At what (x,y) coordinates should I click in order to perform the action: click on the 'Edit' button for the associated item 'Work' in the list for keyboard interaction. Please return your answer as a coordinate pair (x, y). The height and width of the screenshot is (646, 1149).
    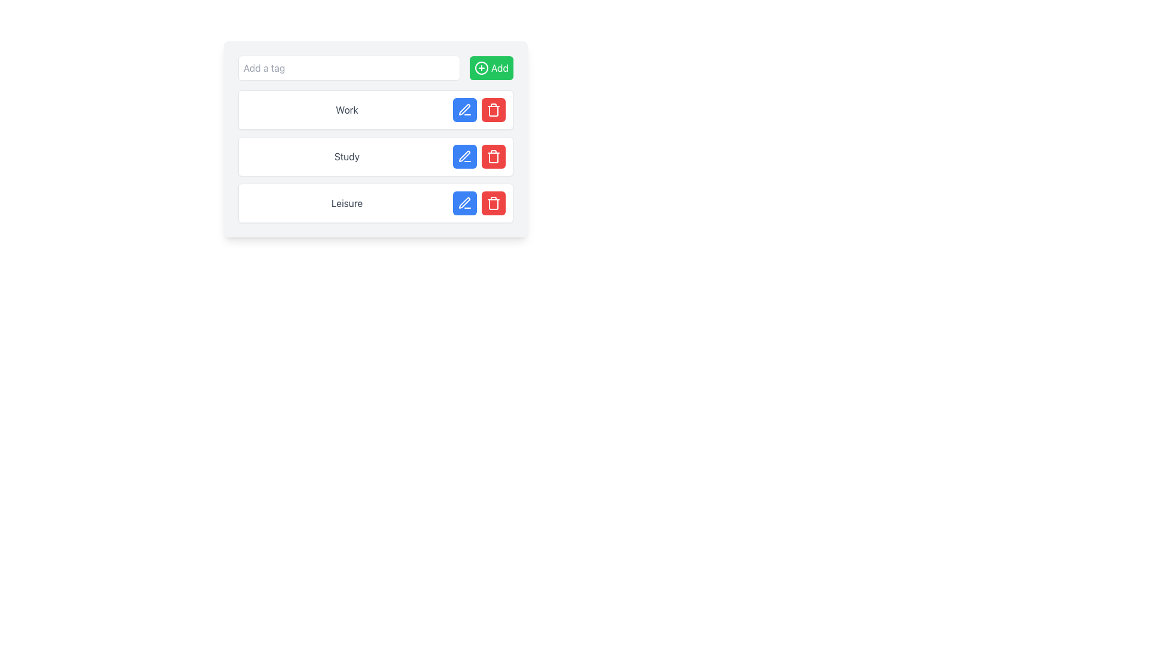
    Looking at the image, I should click on (464, 110).